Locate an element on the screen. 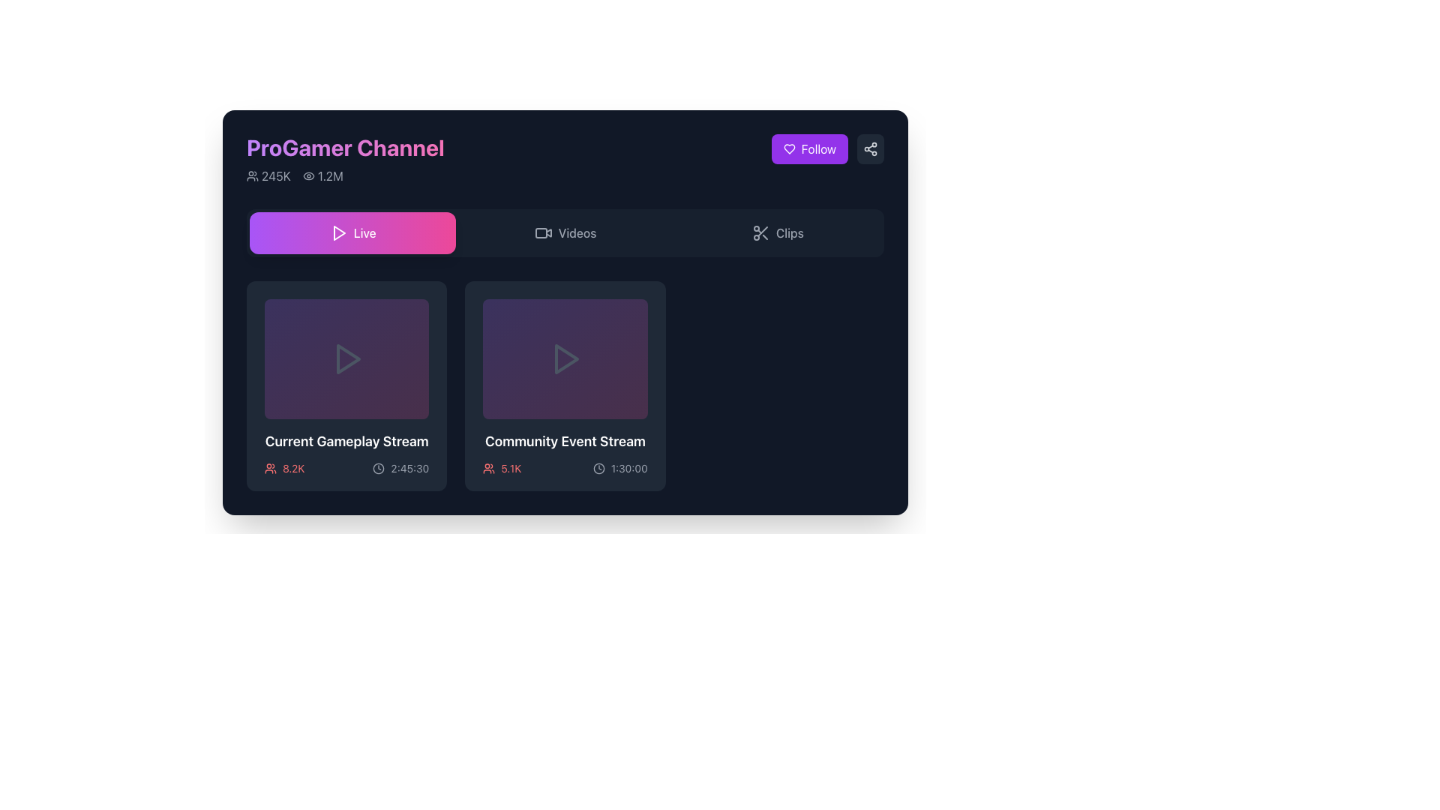  the 'Videos' button, which is a compact button with a video camera icon and text, located centrally in the navigation bar is located at coordinates (564, 233).